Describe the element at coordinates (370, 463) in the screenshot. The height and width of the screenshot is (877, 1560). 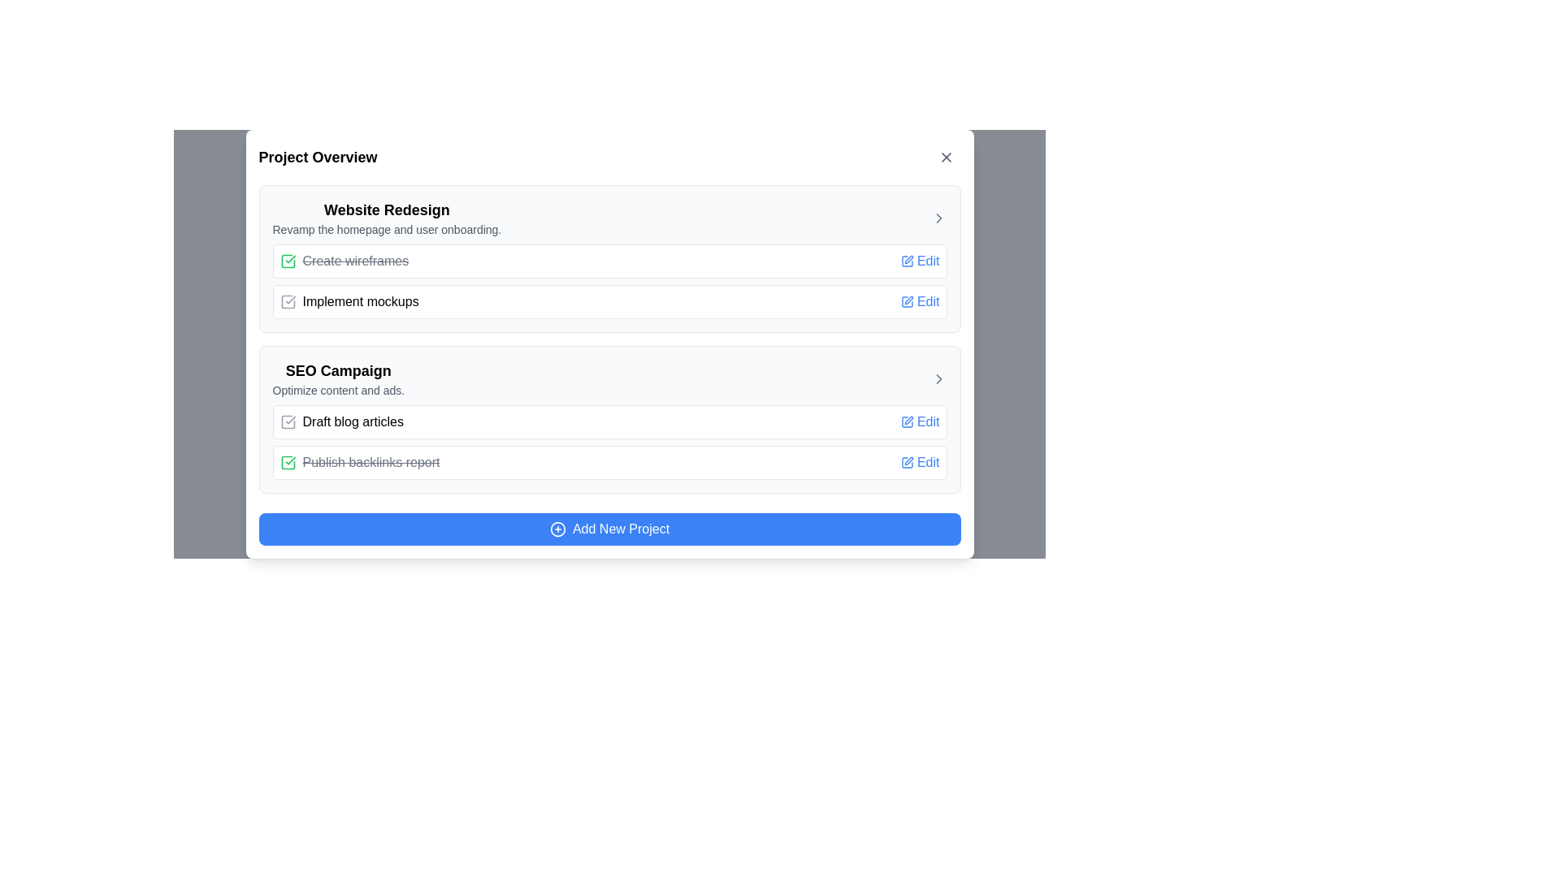
I see `the Text label element styled with a strikethrough effect and gray color, which reads 'Publish backlinks report', indicating a completed task in the 'SEO Campaign' section` at that location.